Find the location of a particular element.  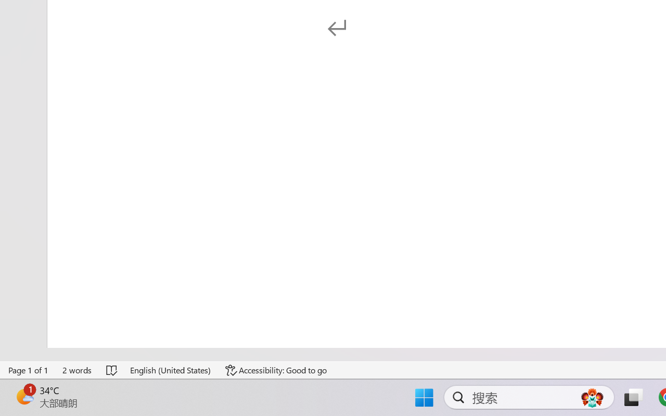

'AutomationID: BadgeAnchorLargeTicker' is located at coordinates (24, 396).